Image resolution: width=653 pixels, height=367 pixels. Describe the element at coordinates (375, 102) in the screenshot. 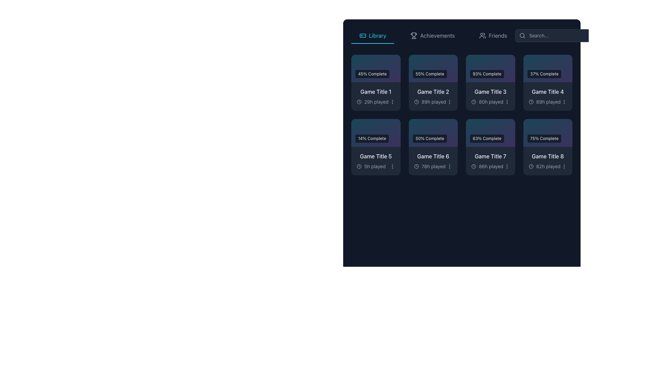

I see `the static label indicating total gameplay hours for 'Game Title 1', which is located below the game's title and aligns with the clock icon` at that location.